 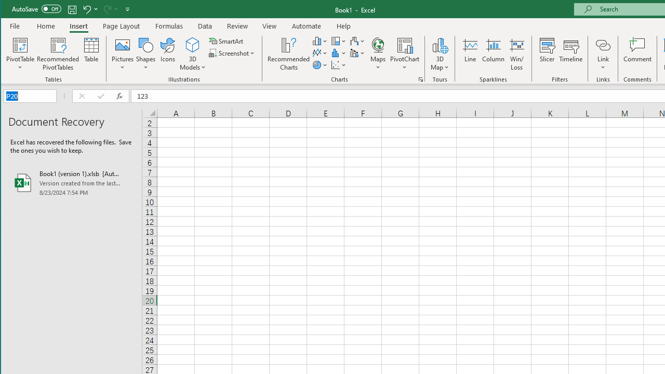 What do you see at coordinates (404, 54) in the screenshot?
I see `'PivotChart'` at bounding box center [404, 54].